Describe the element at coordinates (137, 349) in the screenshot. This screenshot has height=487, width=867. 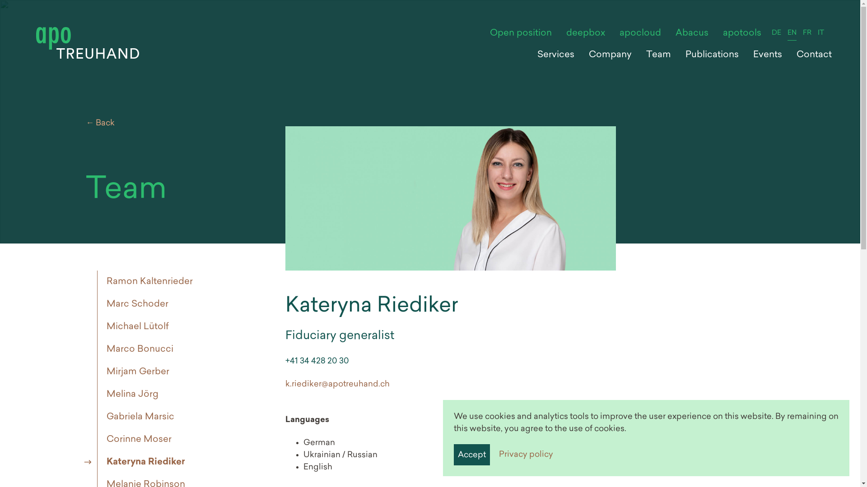
I see `'Marco Bonucci'` at that location.